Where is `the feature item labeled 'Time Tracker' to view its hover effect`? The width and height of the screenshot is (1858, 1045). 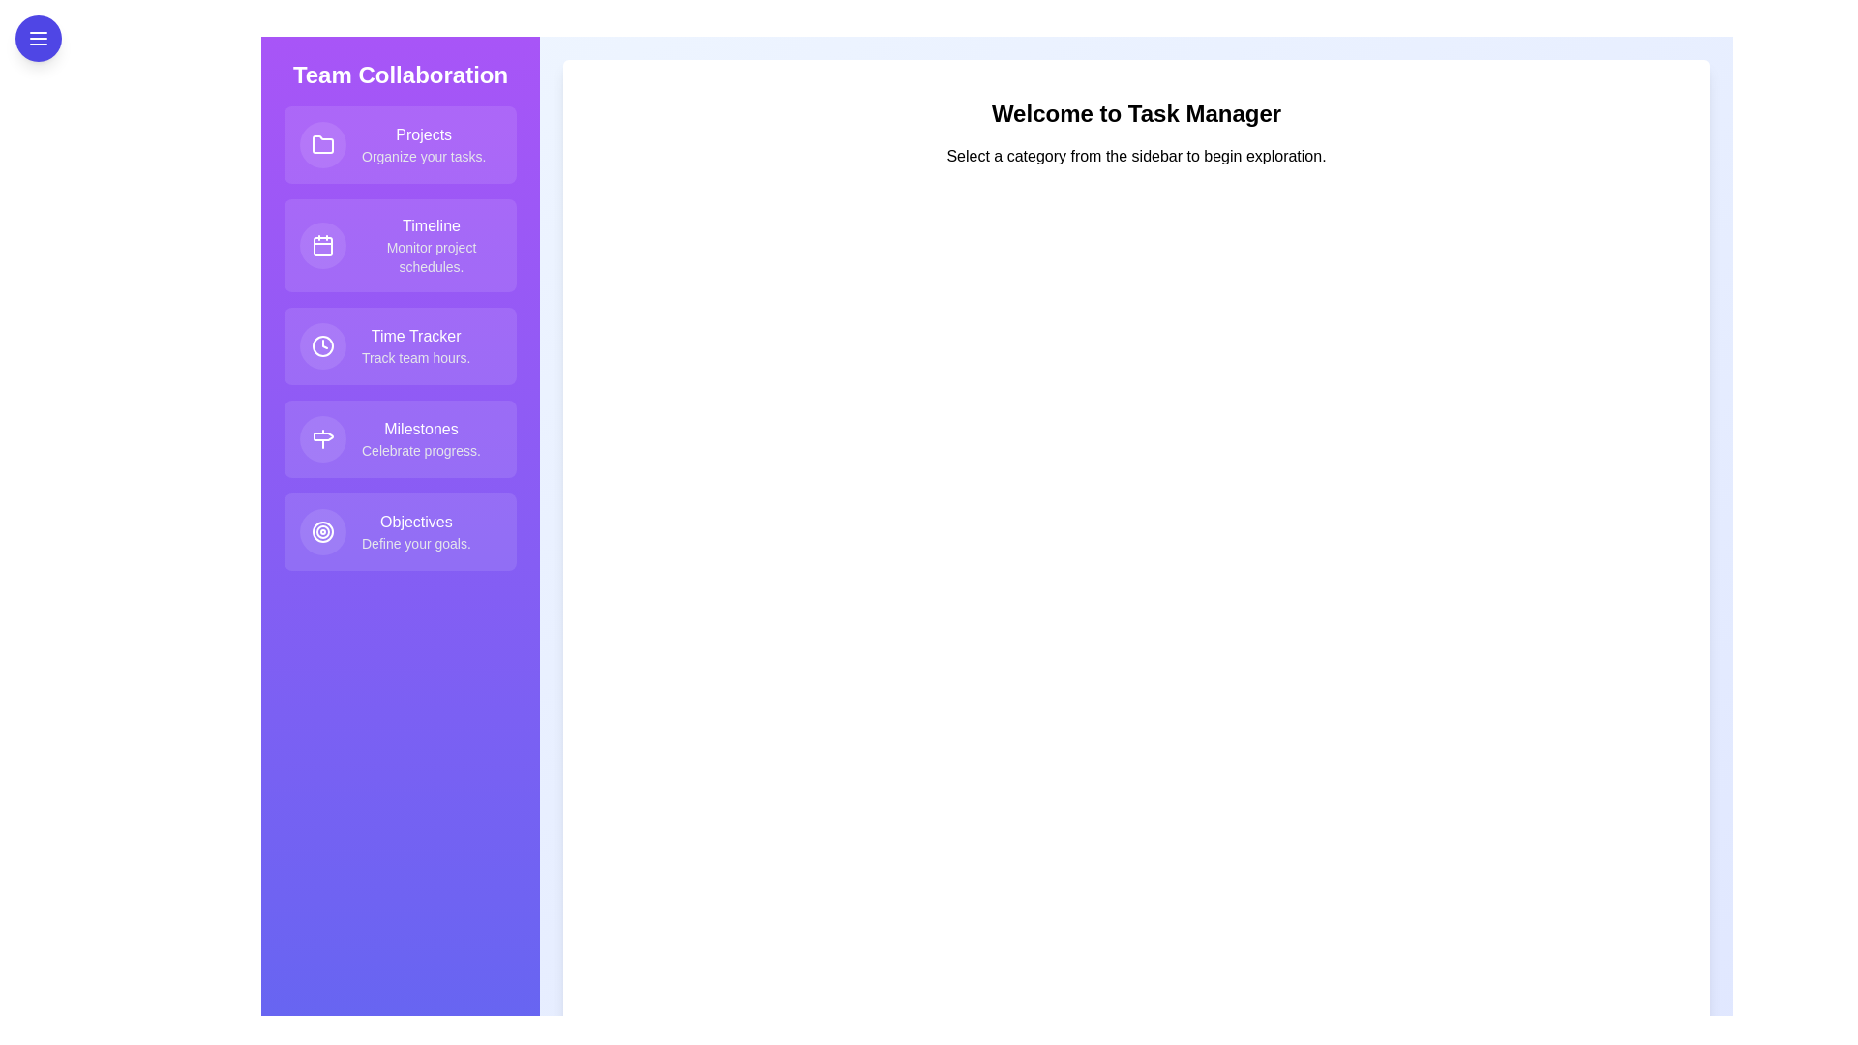 the feature item labeled 'Time Tracker' to view its hover effect is located at coordinates (399, 345).